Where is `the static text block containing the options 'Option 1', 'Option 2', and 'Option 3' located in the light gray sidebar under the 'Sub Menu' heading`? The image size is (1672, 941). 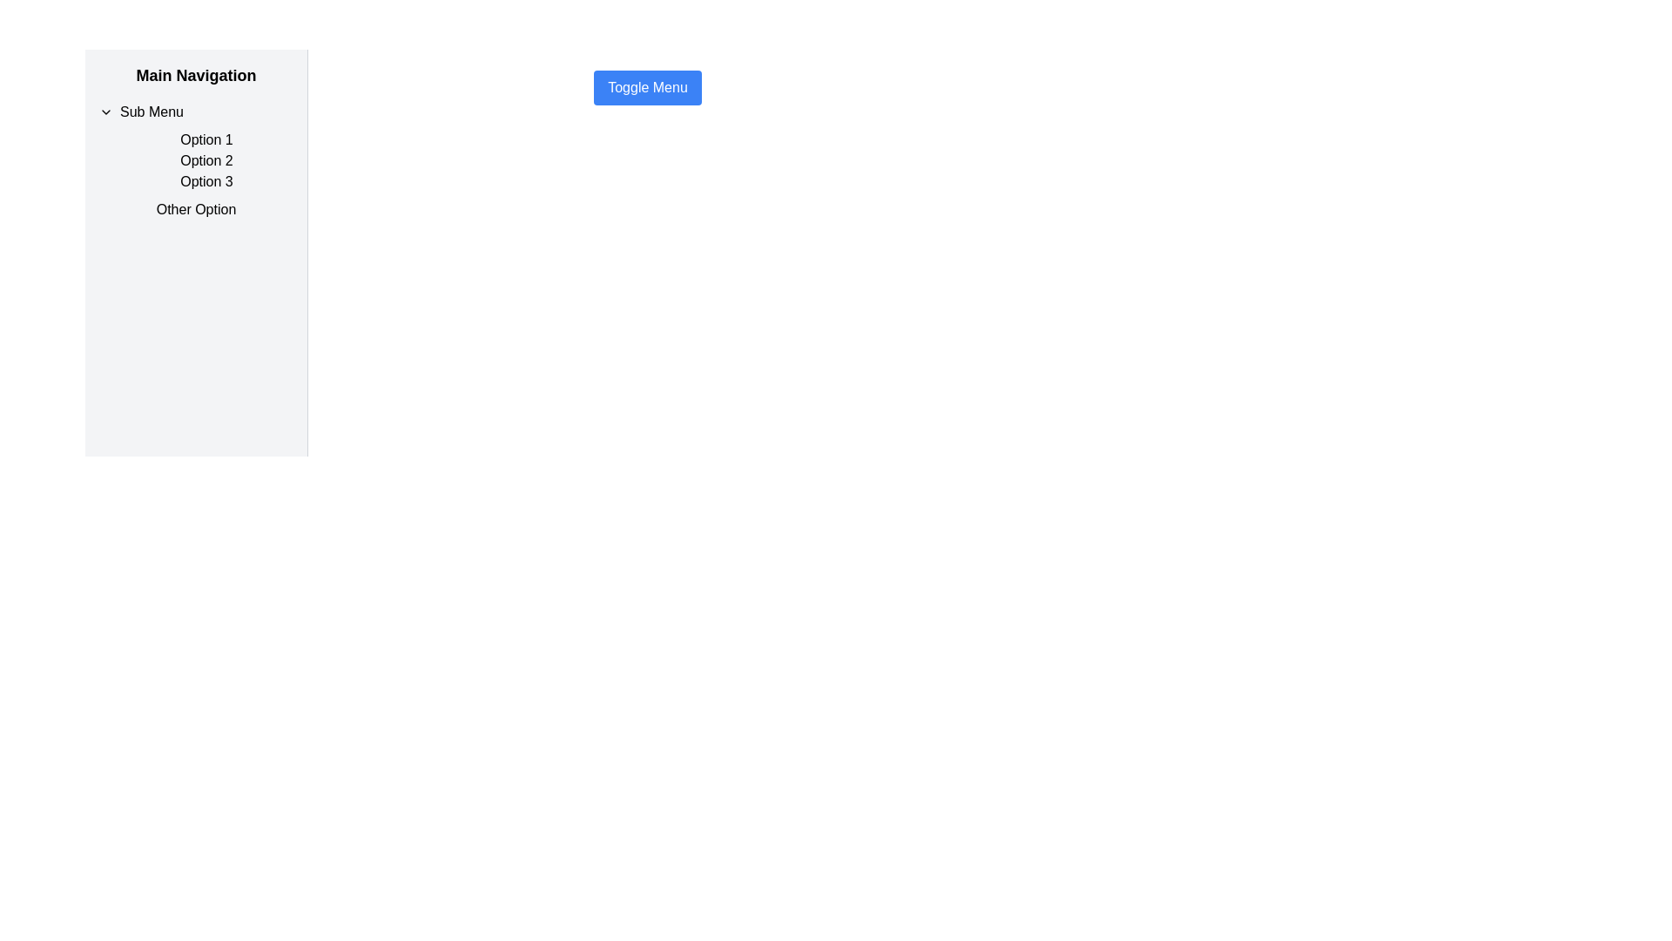 the static text block containing the options 'Option 1', 'Option 2', and 'Option 3' located in the light gray sidebar under the 'Sub Menu' heading is located at coordinates (196, 161).